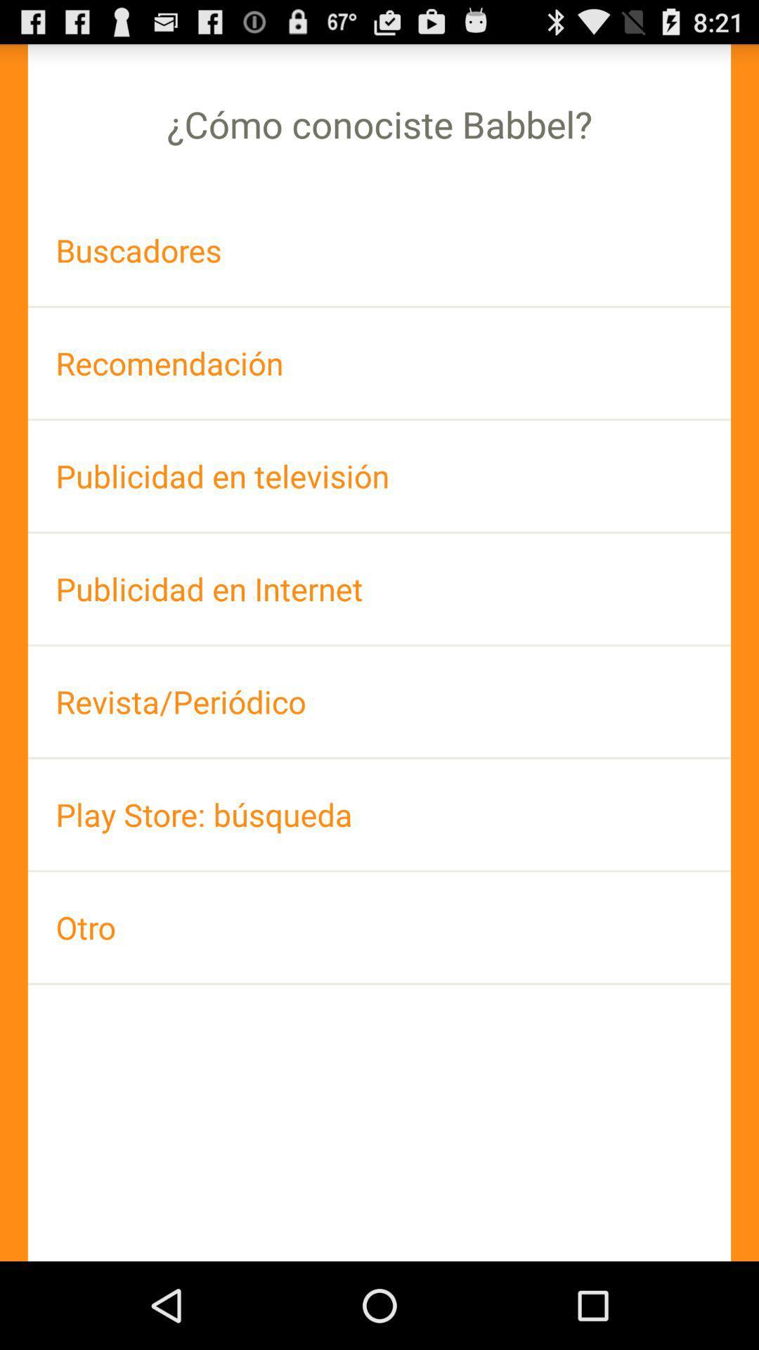 The width and height of the screenshot is (759, 1350). What do you see at coordinates (379, 363) in the screenshot?
I see `icon below buscadores app` at bounding box center [379, 363].